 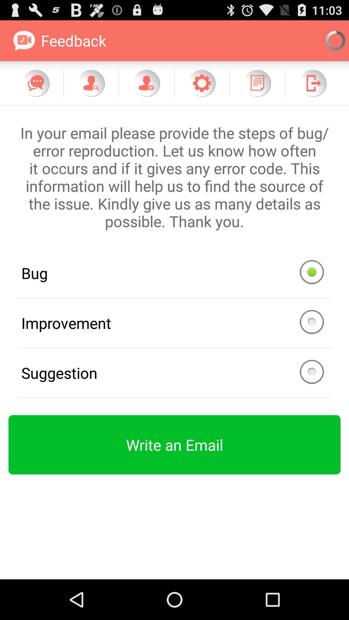 I want to click on perform search, so click(x=91, y=83).